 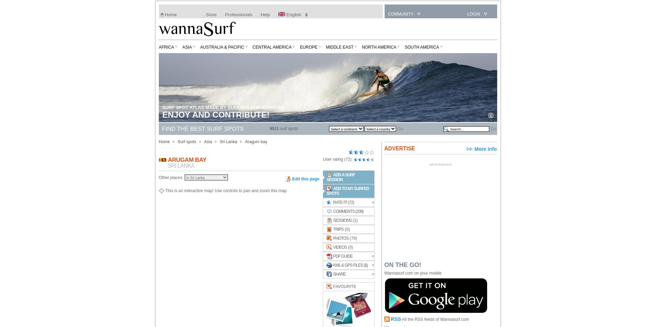 What do you see at coordinates (326, 191) in the screenshot?
I see `'Add to my surfed spots'` at bounding box center [326, 191].